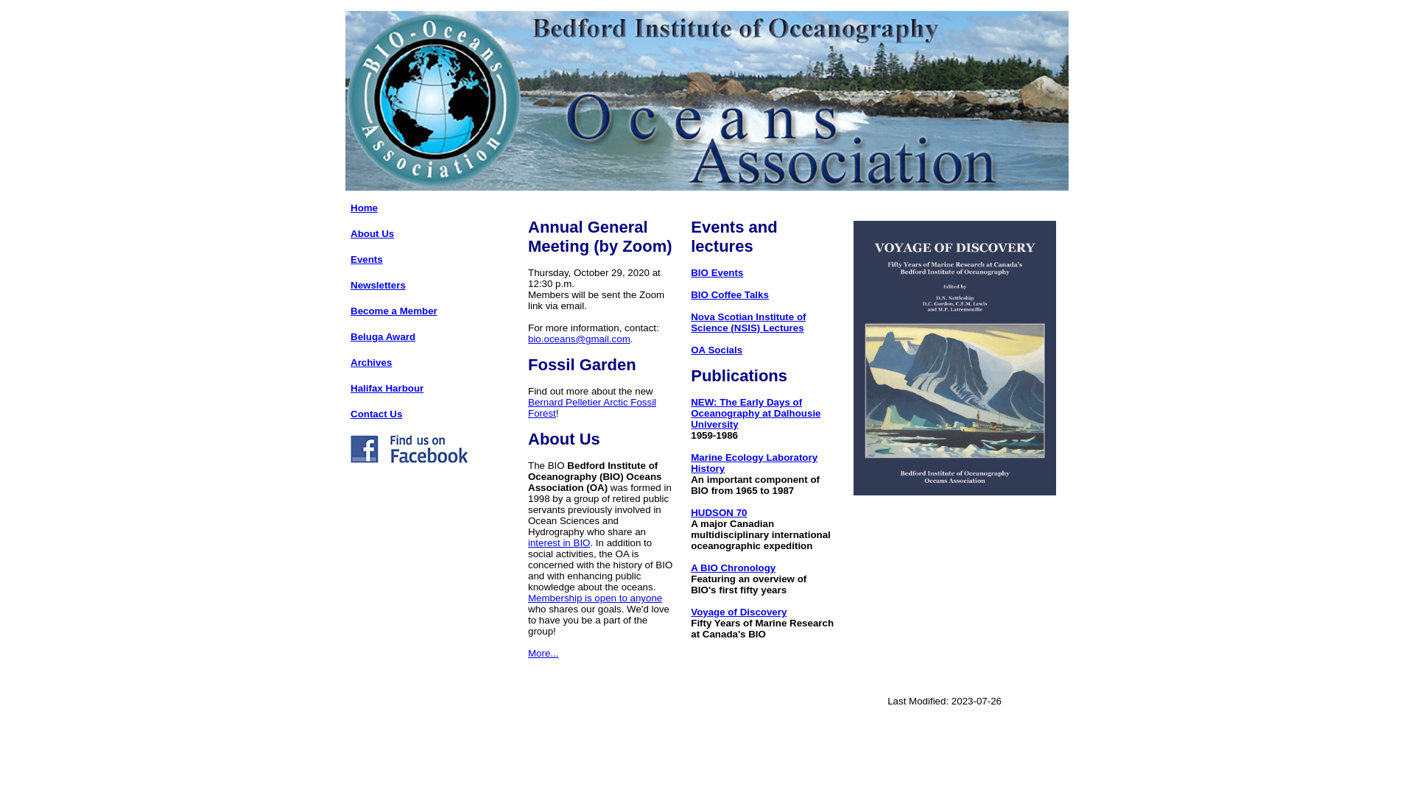 Image resolution: width=1414 pixels, height=795 pixels. Describe the element at coordinates (729, 294) in the screenshot. I see `'BIO Coffee Talks'` at that location.